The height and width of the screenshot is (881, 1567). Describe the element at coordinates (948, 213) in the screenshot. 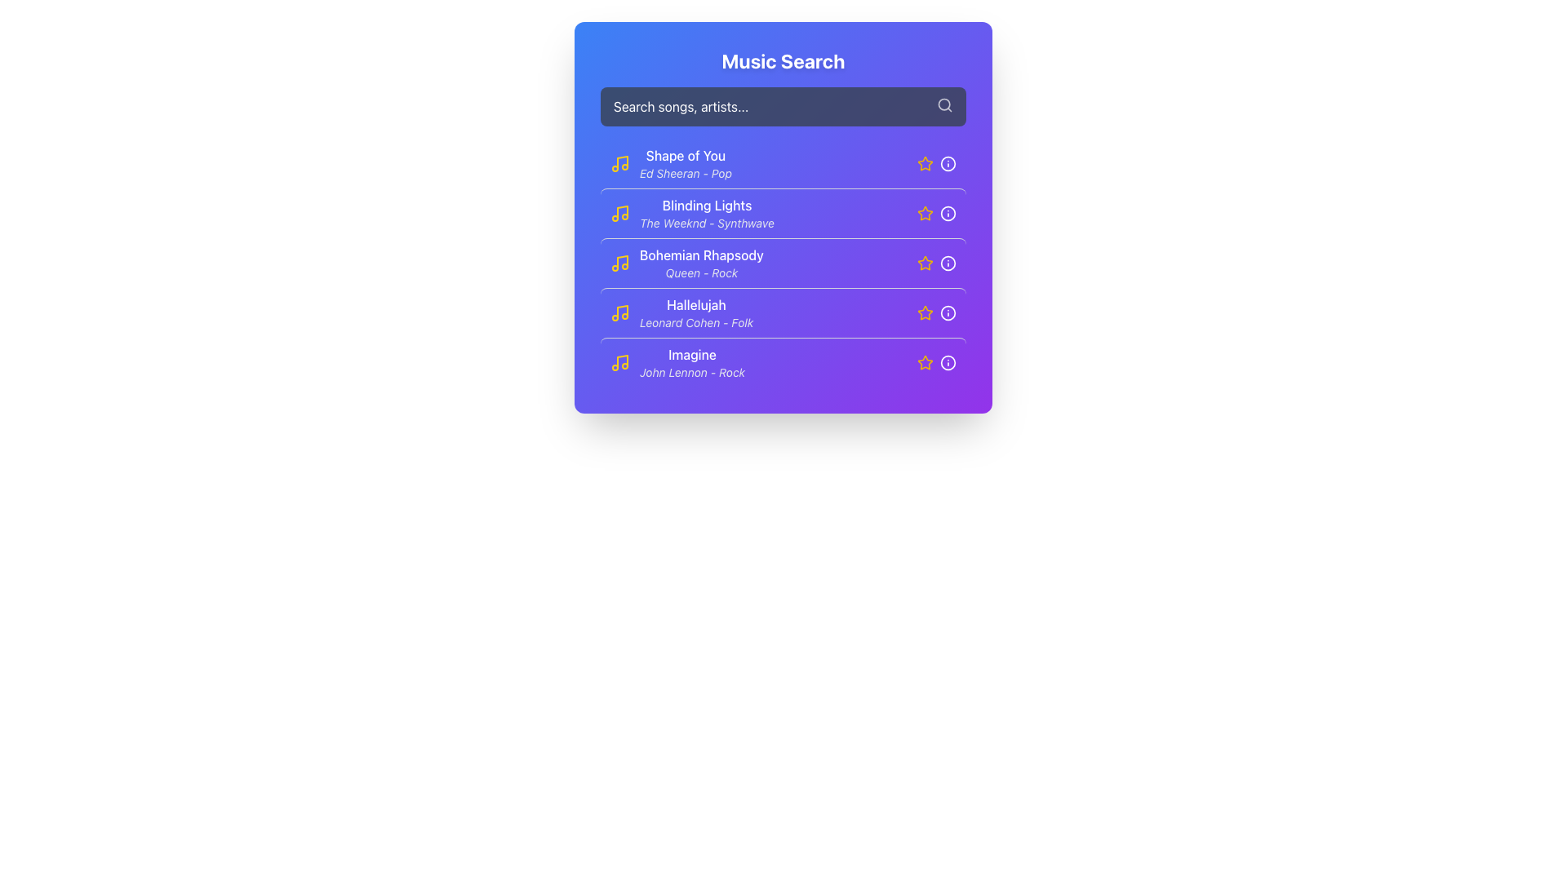

I see `the SVG Circle element styled with a border stroke, positioned within the rightmost region of the second row, next to the star icon of the 'Blinding Lights' entry` at that location.